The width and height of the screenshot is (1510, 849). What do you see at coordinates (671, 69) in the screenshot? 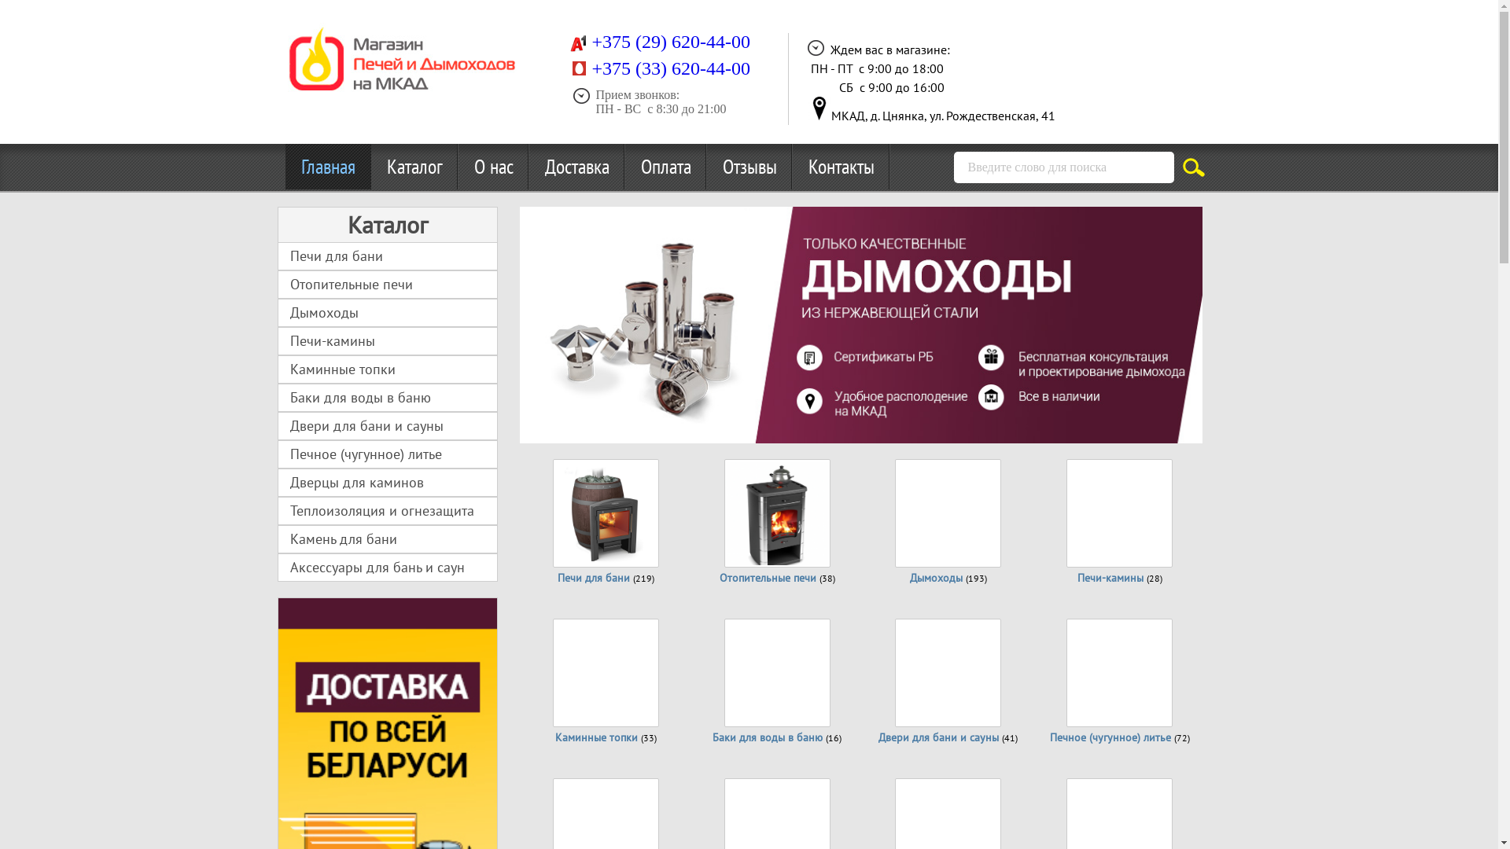
I see `'+375 (33) 620-44-00'` at bounding box center [671, 69].